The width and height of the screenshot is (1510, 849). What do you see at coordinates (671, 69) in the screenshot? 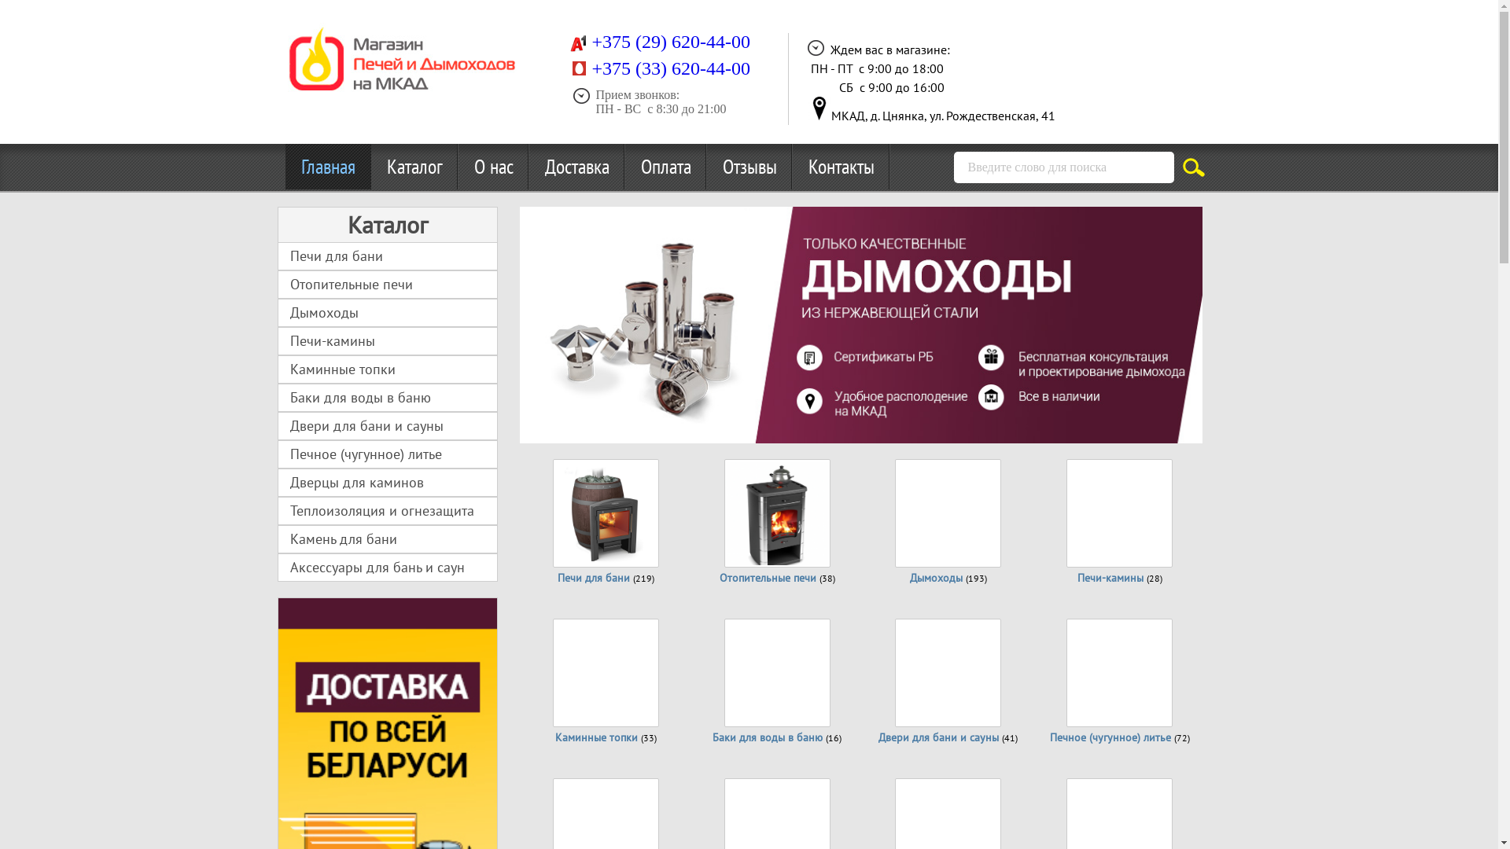
I see `'+375 (33) 620-44-00'` at bounding box center [671, 69].